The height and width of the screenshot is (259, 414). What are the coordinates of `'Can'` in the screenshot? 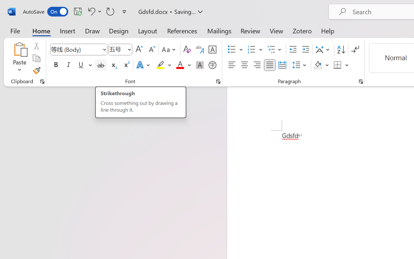 It's located at (110, 11).